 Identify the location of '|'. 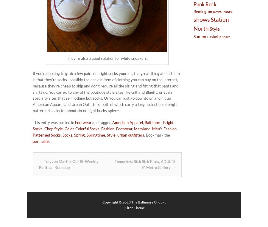
(124, 207).